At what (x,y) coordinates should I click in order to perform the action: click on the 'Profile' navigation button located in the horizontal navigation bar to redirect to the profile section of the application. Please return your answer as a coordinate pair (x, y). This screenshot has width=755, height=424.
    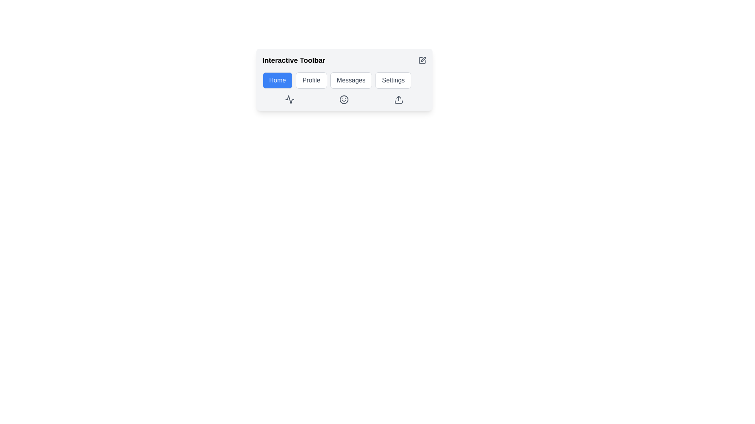
    Looking at the image, I should click on (311, 80).